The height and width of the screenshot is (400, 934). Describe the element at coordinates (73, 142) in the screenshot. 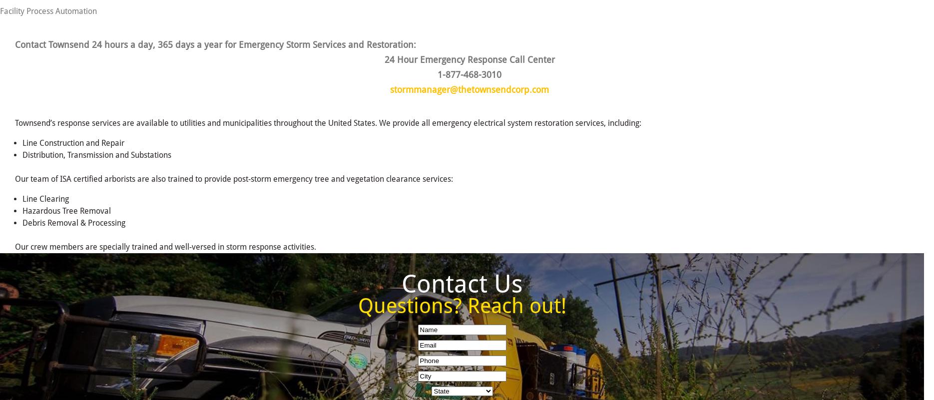

I see `'Line Construction and Repair'` at that location.